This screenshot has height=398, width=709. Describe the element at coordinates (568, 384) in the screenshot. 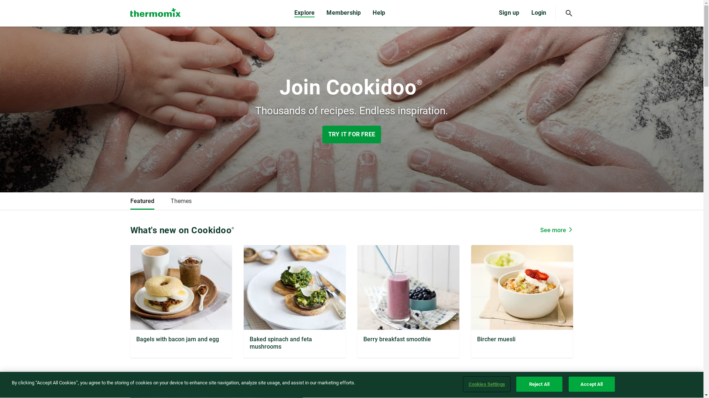

I see `'Accept All'` at that location.